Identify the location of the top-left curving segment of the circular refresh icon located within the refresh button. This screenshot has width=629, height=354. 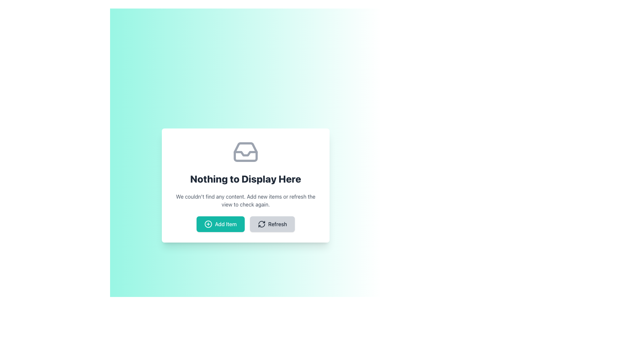
(261, 222).